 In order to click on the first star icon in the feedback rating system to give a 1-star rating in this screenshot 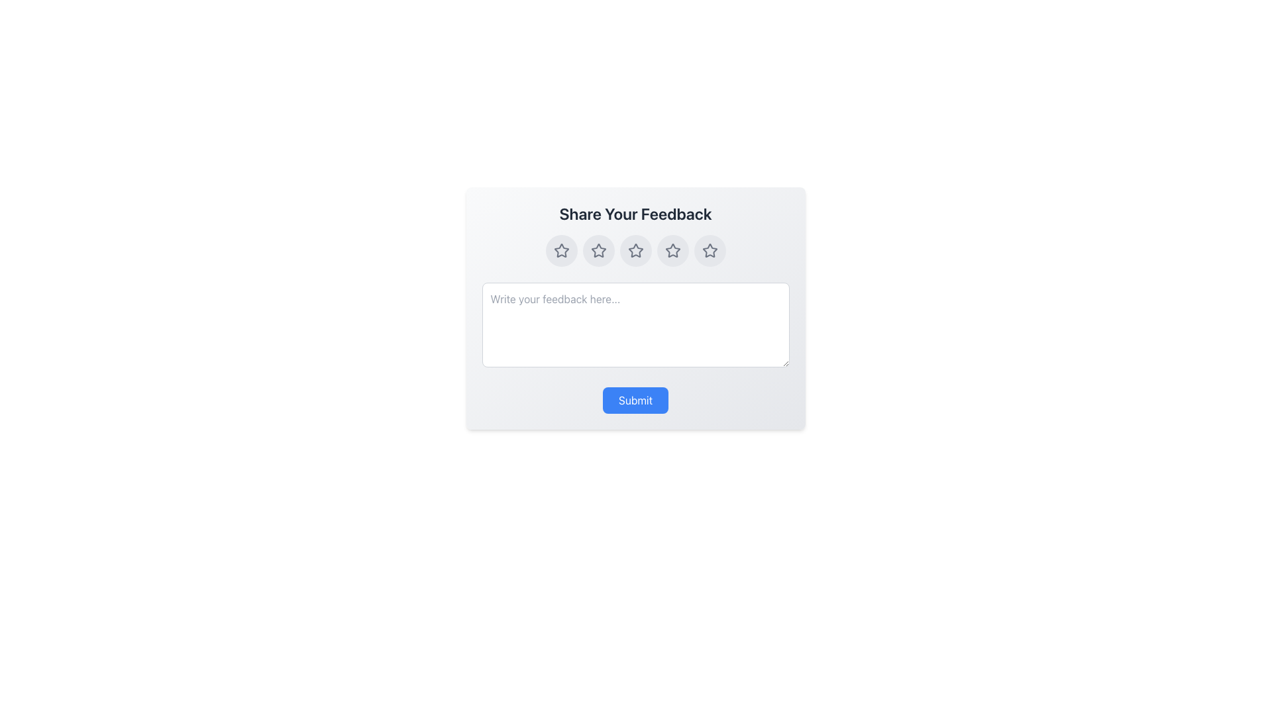, I will do `click(561, 250)`.